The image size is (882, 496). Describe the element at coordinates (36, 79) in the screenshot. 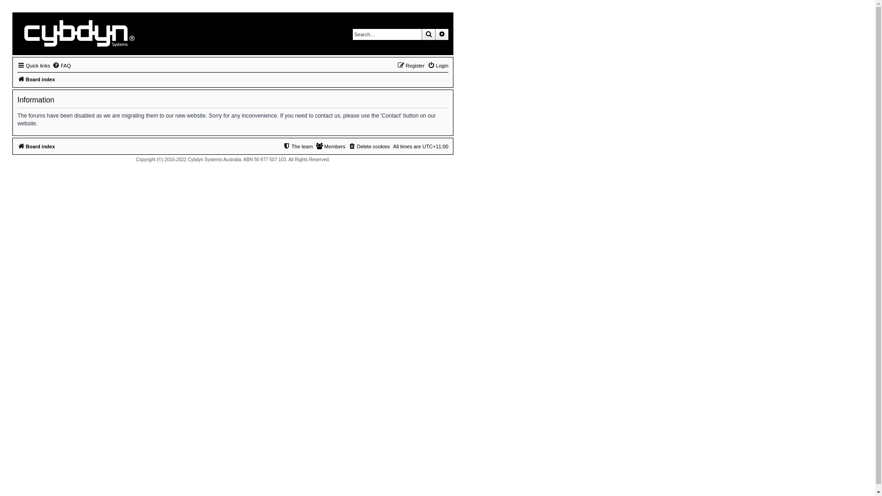

I see `'Board index'` at that location.